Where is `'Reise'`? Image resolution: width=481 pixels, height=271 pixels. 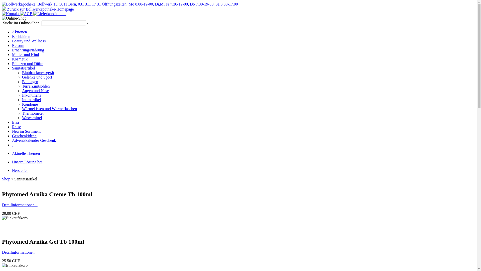 'Reise' is located at coordinates (12, 126).